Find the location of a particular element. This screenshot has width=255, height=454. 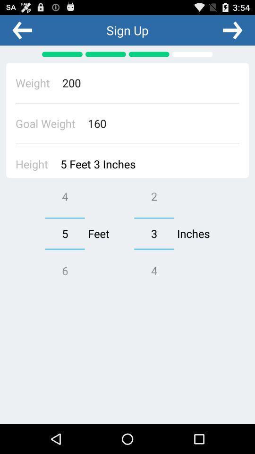

continue to next page is located at coordinates (232, 30).